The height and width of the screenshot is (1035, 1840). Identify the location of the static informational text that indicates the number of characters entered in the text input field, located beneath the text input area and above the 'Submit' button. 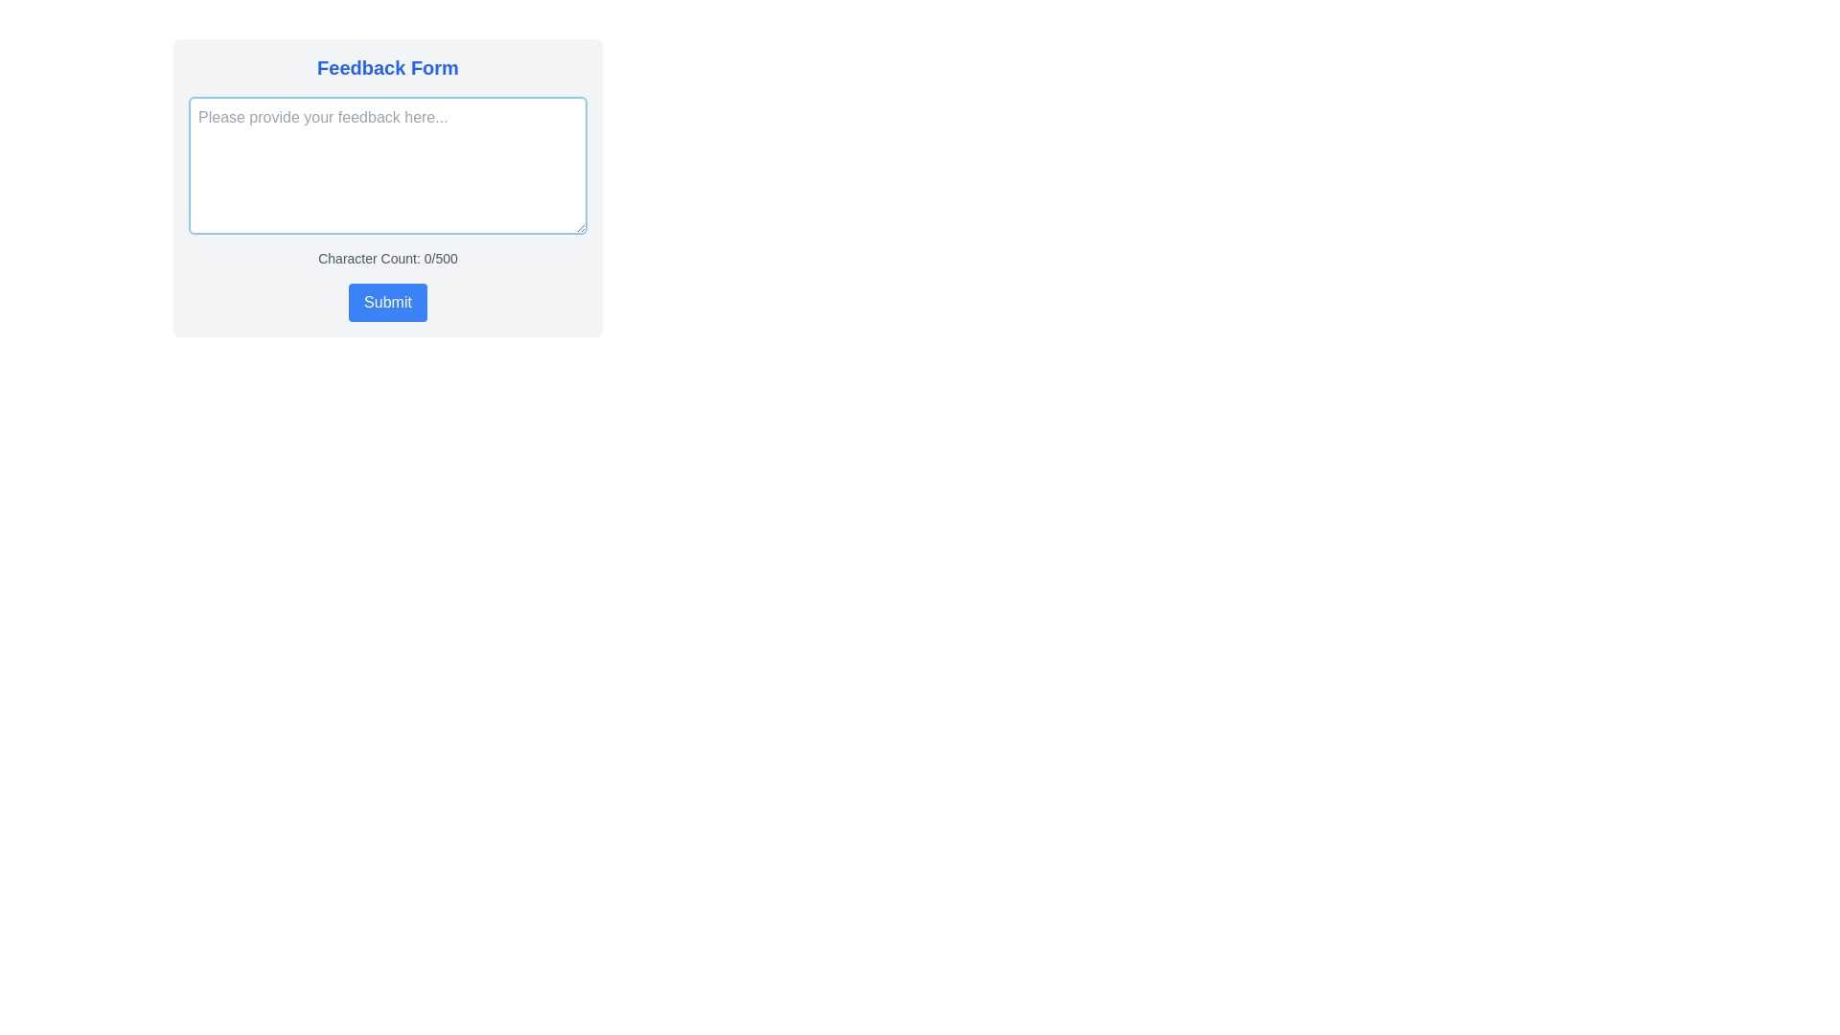
(386, 259).